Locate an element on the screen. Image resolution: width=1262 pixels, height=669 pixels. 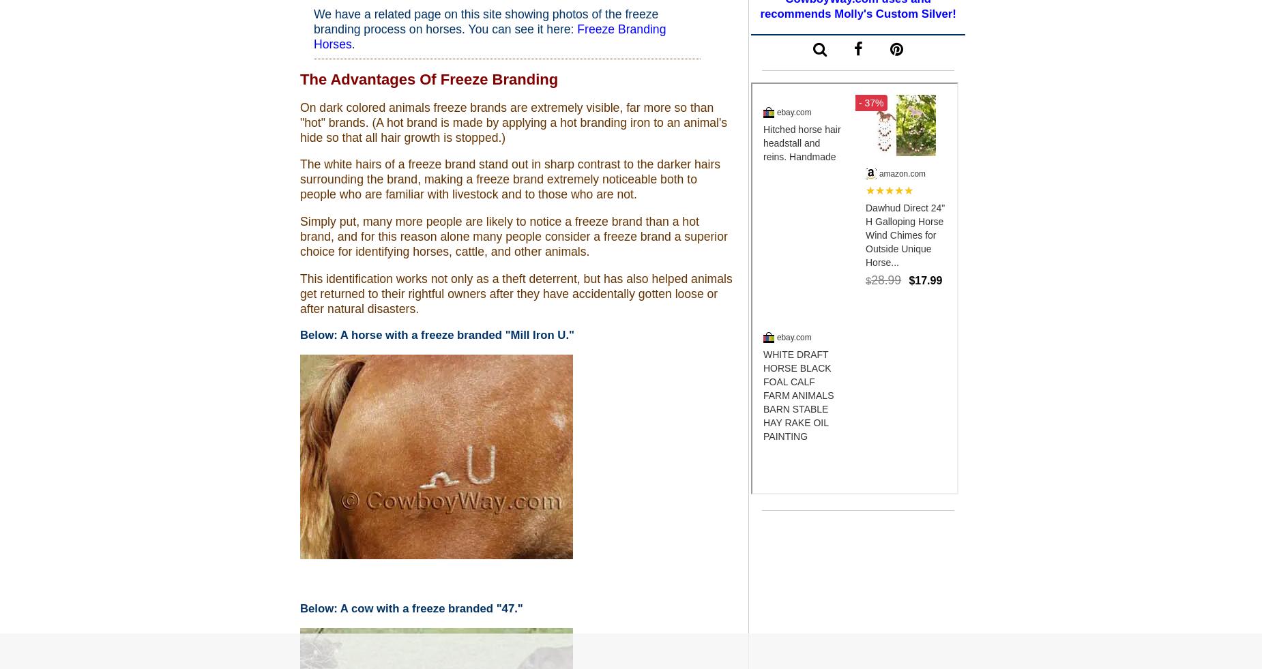
'The Advantages Of Freeze Branding' is located at coordinates (429, 78).